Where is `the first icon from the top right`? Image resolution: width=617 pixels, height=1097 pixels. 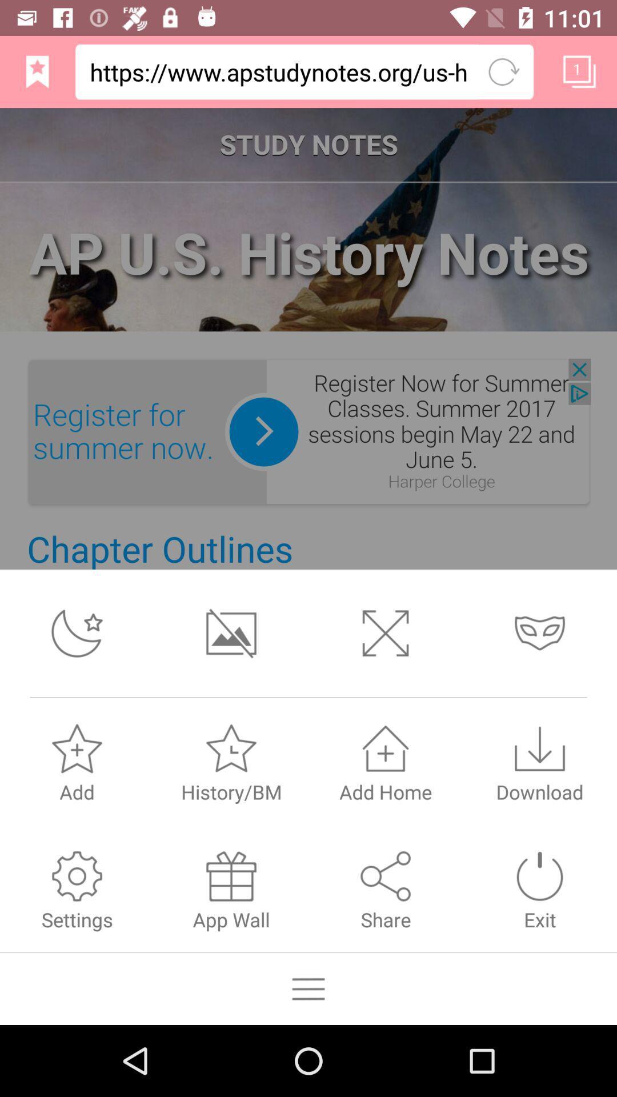
the first icon from the top right is located at coordinates (579, 71).